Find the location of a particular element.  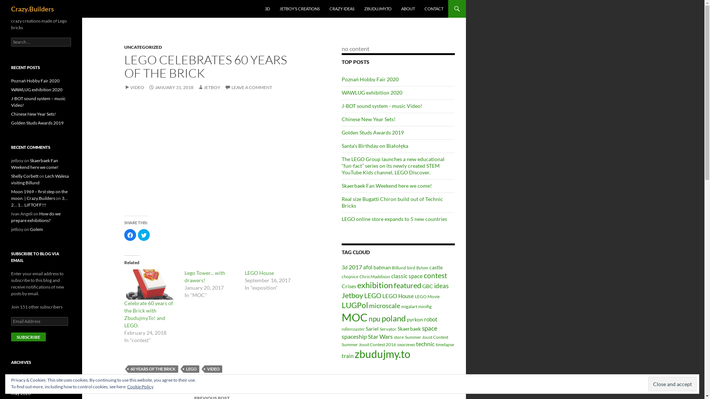

'How do we prepare exhibitions?' is located at coordinates (35, 216).